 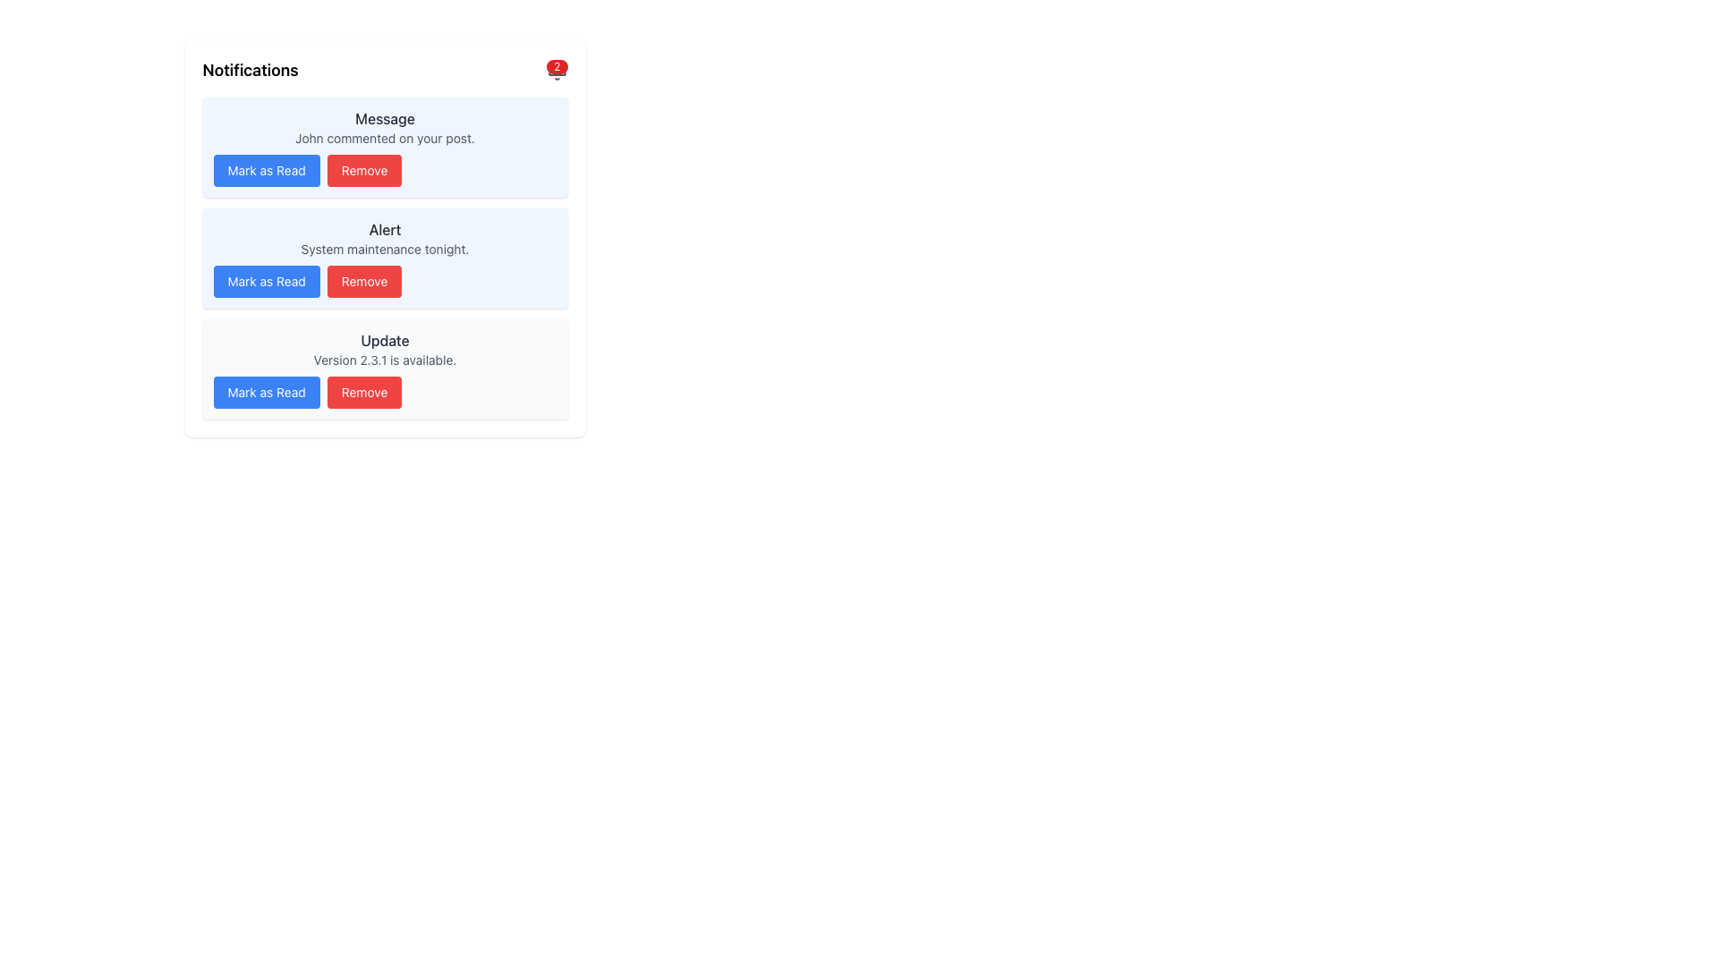 I want to click on the second button in the notification card to observe any hover effects, so click(x=363, y=392).